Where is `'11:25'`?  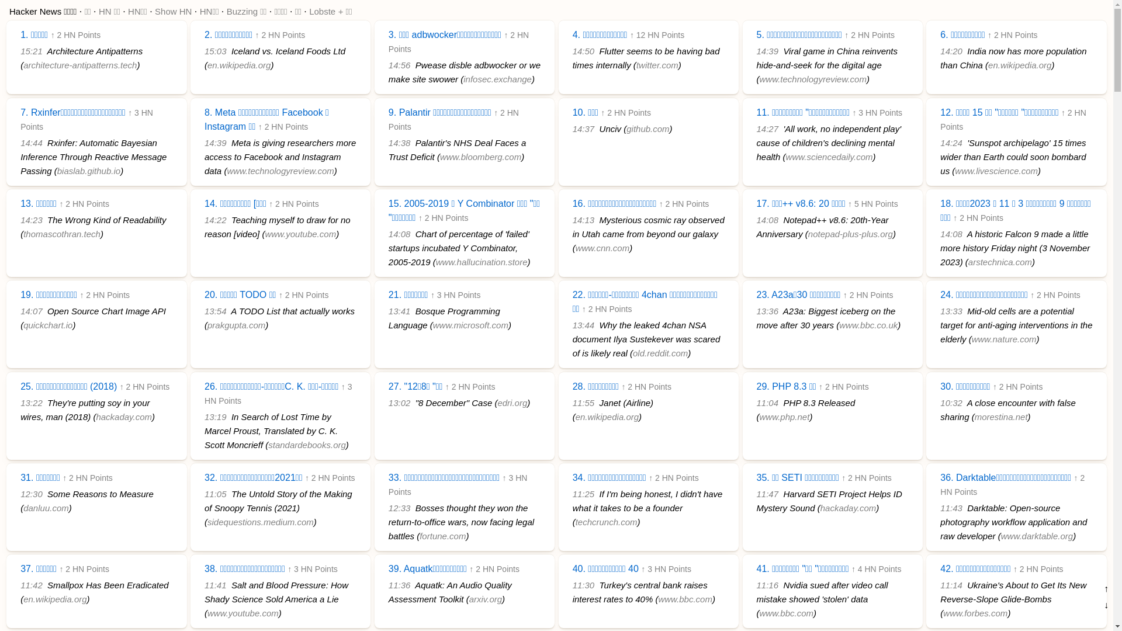
'11:25' is located at coordinates (583, 494).